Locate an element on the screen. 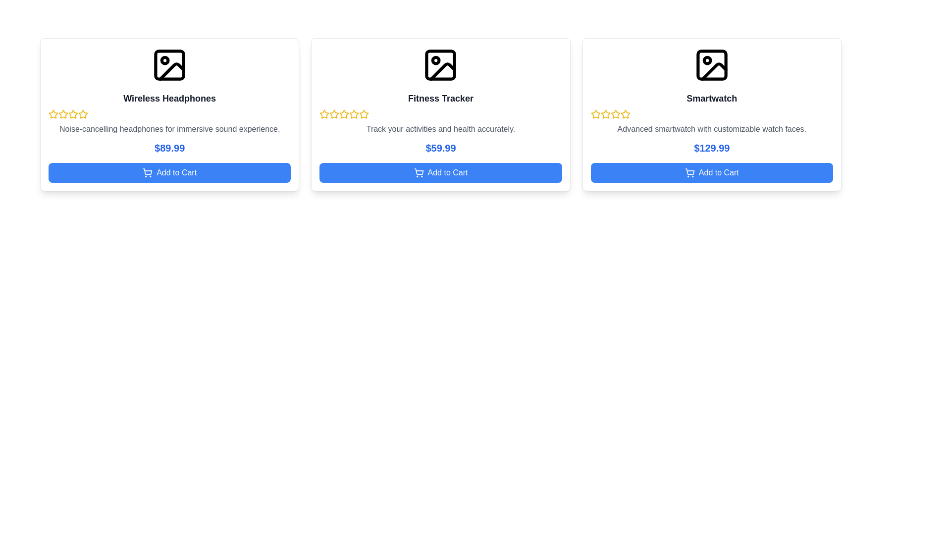 The height and width of the screenshot is (535, 951). displayed details from the first Product Card in the grid layout, which features 'Wireless Headphones', a price of '$89.99', and an 'Add to Cart' button is located at coordinates (169, 114).